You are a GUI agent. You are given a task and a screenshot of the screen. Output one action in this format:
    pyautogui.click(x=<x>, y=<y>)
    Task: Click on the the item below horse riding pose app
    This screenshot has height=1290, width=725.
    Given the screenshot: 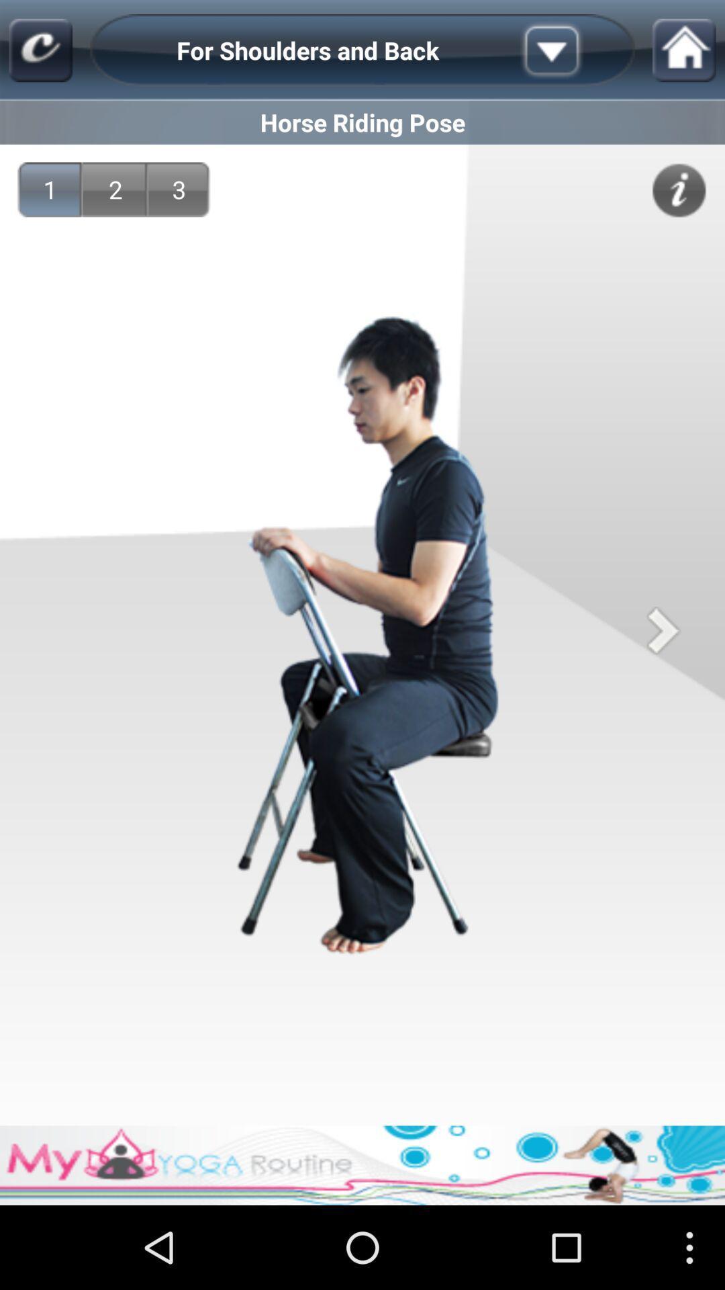 What is the action you would take?
    pyautogui.click(x=679, y=189)
    